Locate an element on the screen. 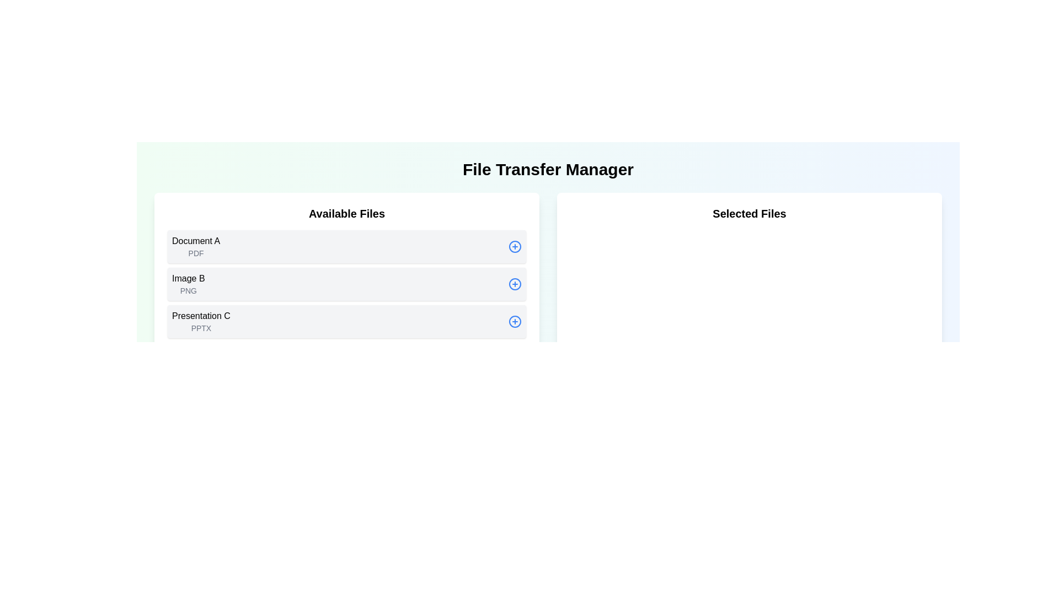 The image size is (1059, 595). the SVG Circle button located at the rightmost end of the third file row ('Presentation C') in the 'File Transfer Manager' interface for visual information is located at coordinates (515, 321).